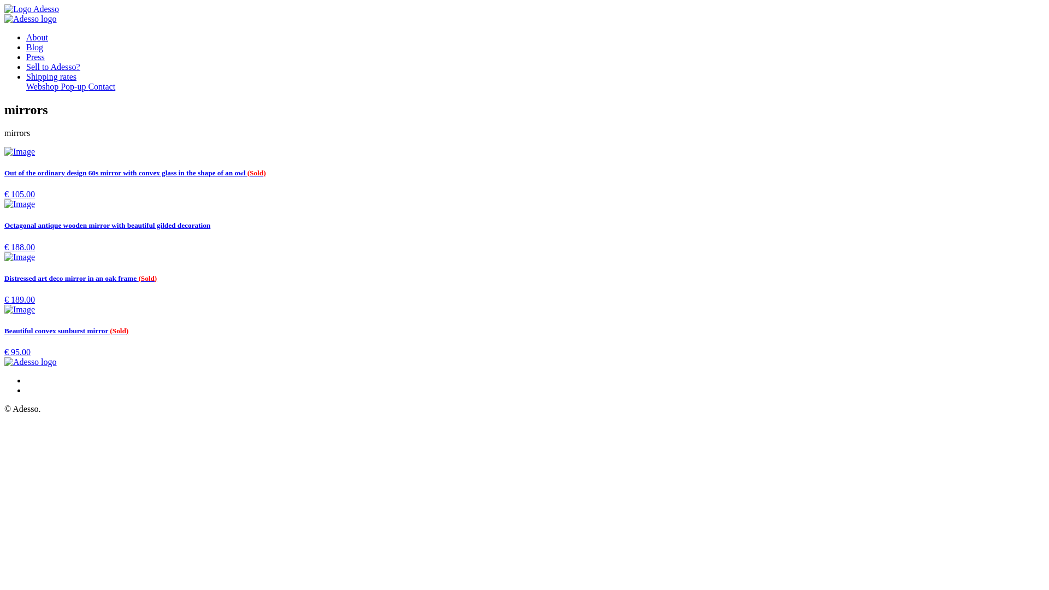 The height and width of the screenshot is (590, 1049). I want to click on 'Contact', so click(102, 86).